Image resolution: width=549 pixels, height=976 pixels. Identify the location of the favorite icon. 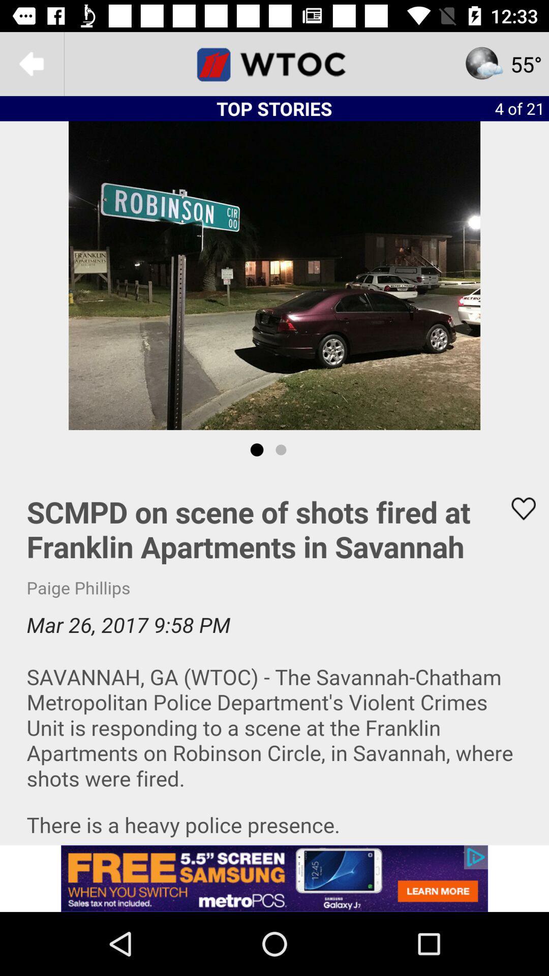
(517, 508).